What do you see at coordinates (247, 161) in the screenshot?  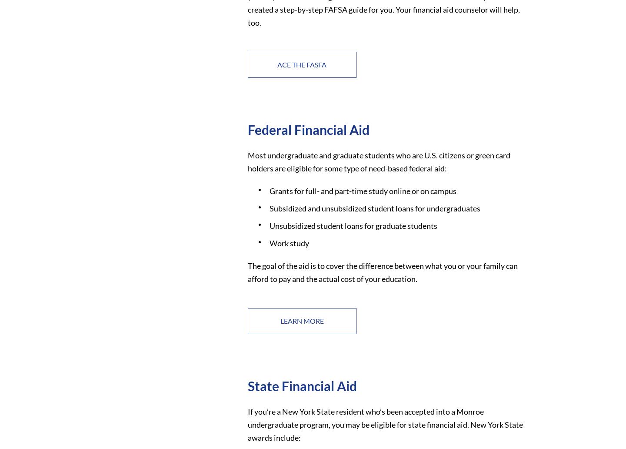 I see `'Most undergraduate and graduate students who are U.S. citizens or green card holders are eligible for some type of need-based federal aid:'` at bounding box center [247, 161].